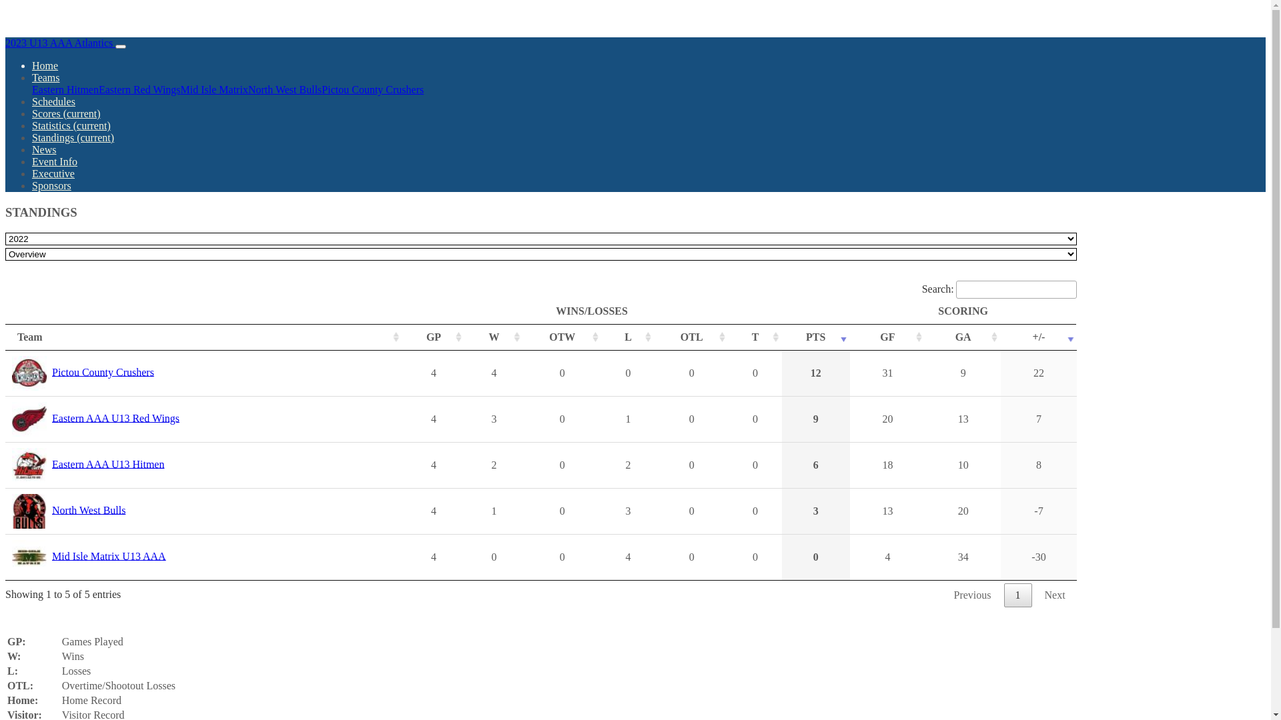 The width and height of the screenshot is (1281, 720). I want to click on '1', so click(1017, 595).